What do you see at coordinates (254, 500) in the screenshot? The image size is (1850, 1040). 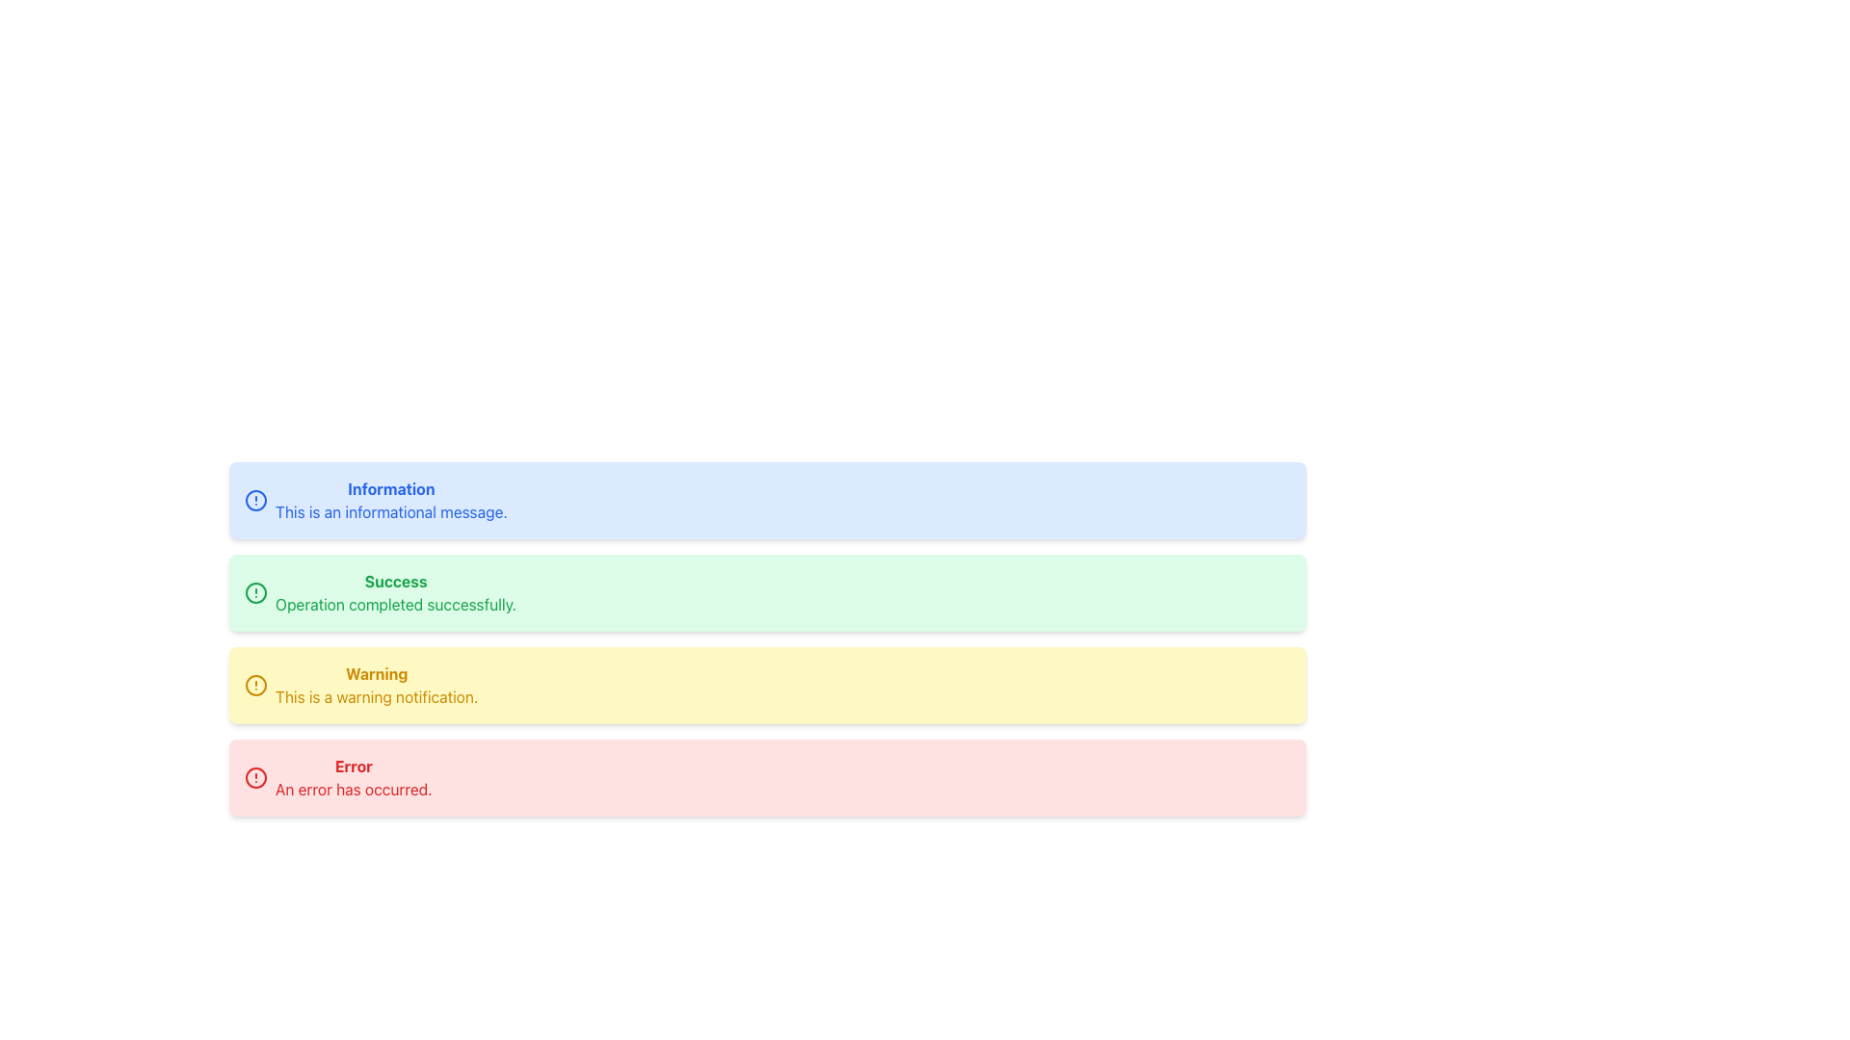 I see `the circular icon with a blue outline and an exclamation mark in the center, located to the left of the text in the first notification banner` at bounding box center [254, 500].